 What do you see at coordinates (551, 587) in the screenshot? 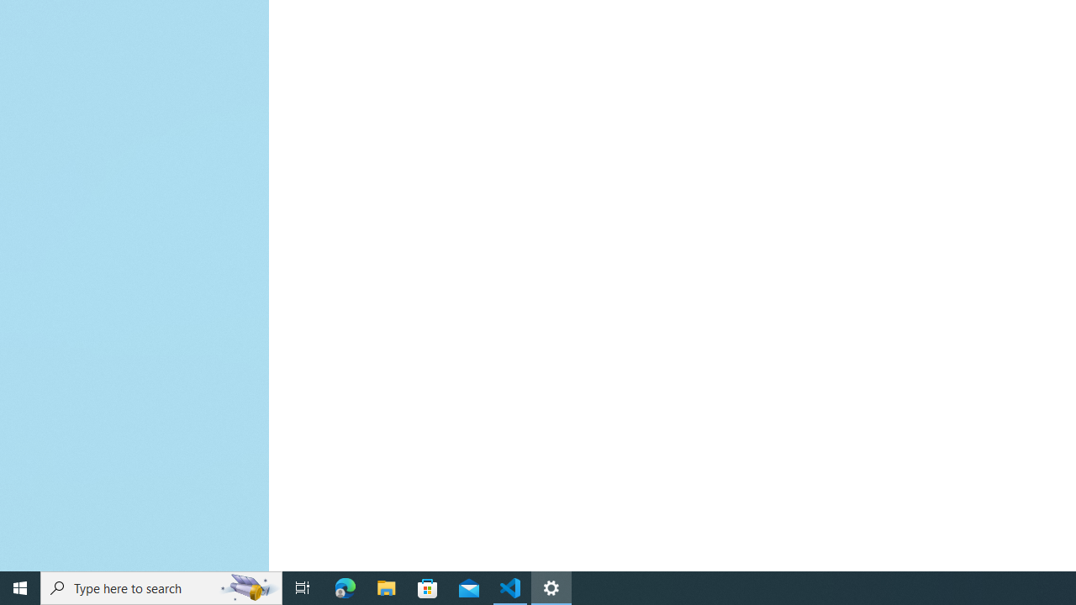
I see `'Settings - 1 running window'` at bounding box center [551, 587].